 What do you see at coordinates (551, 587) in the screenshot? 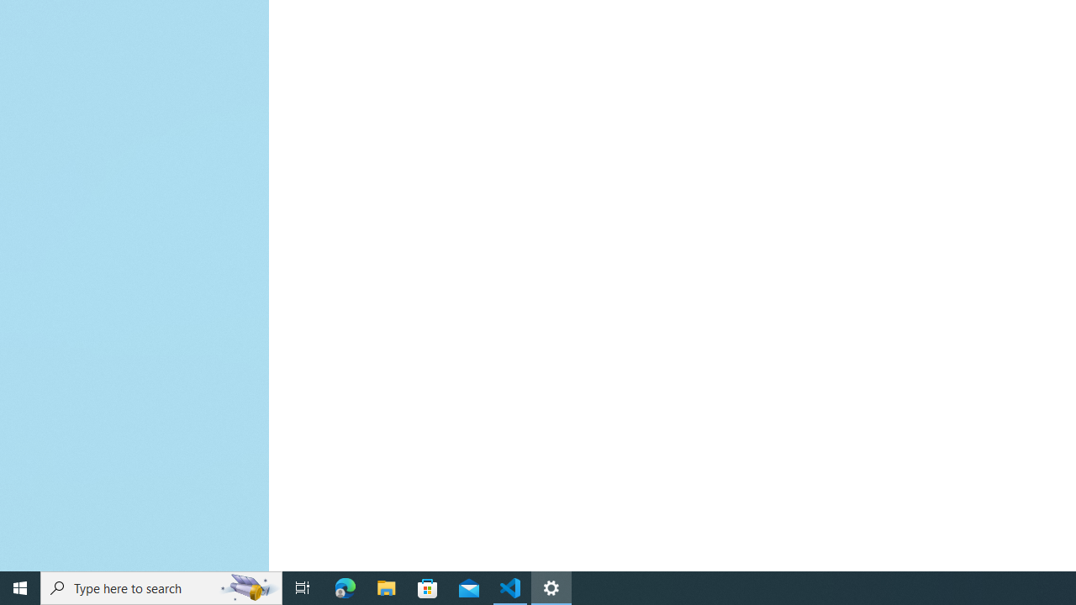
I see `'Settings - 1 running window'` at bounding box center [551, 587].